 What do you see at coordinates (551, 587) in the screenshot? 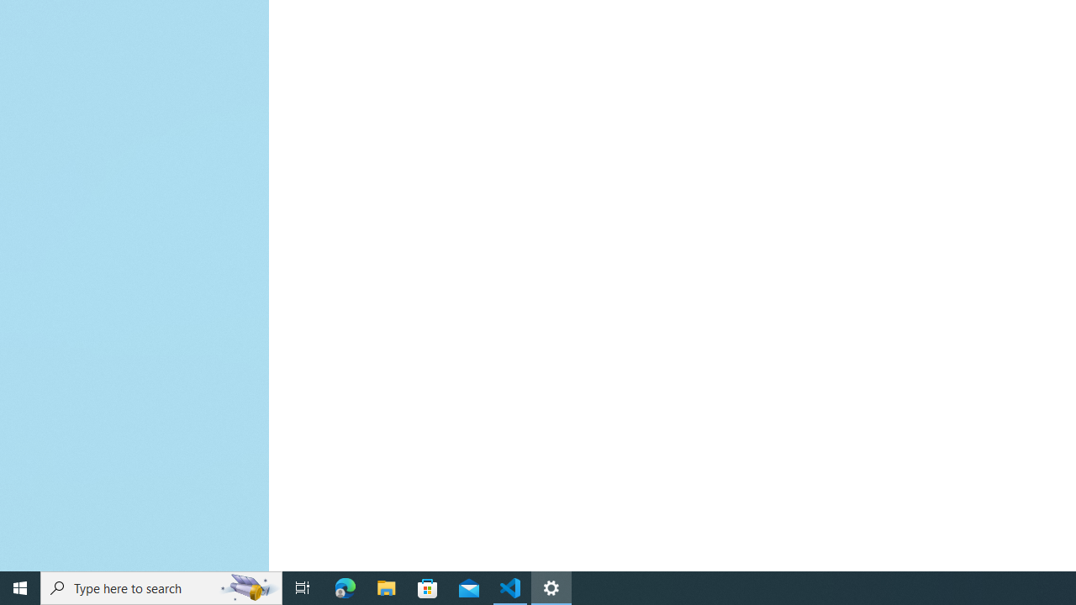
I see `'Settings - 1 running window'` at bounding box center [551, 587].